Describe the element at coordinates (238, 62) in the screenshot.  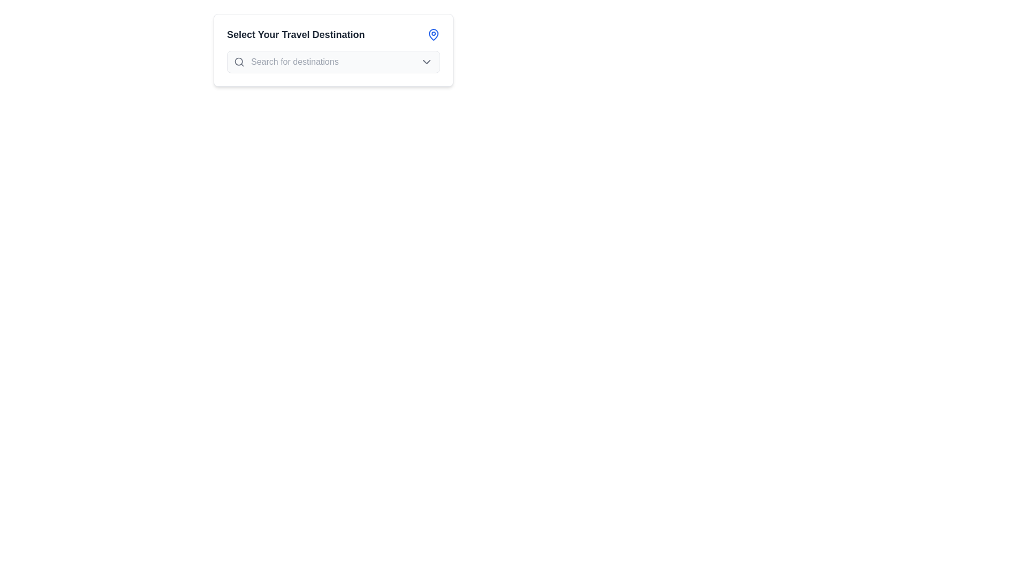
I see `the input field associated with the magnifying glass icon` at that location.